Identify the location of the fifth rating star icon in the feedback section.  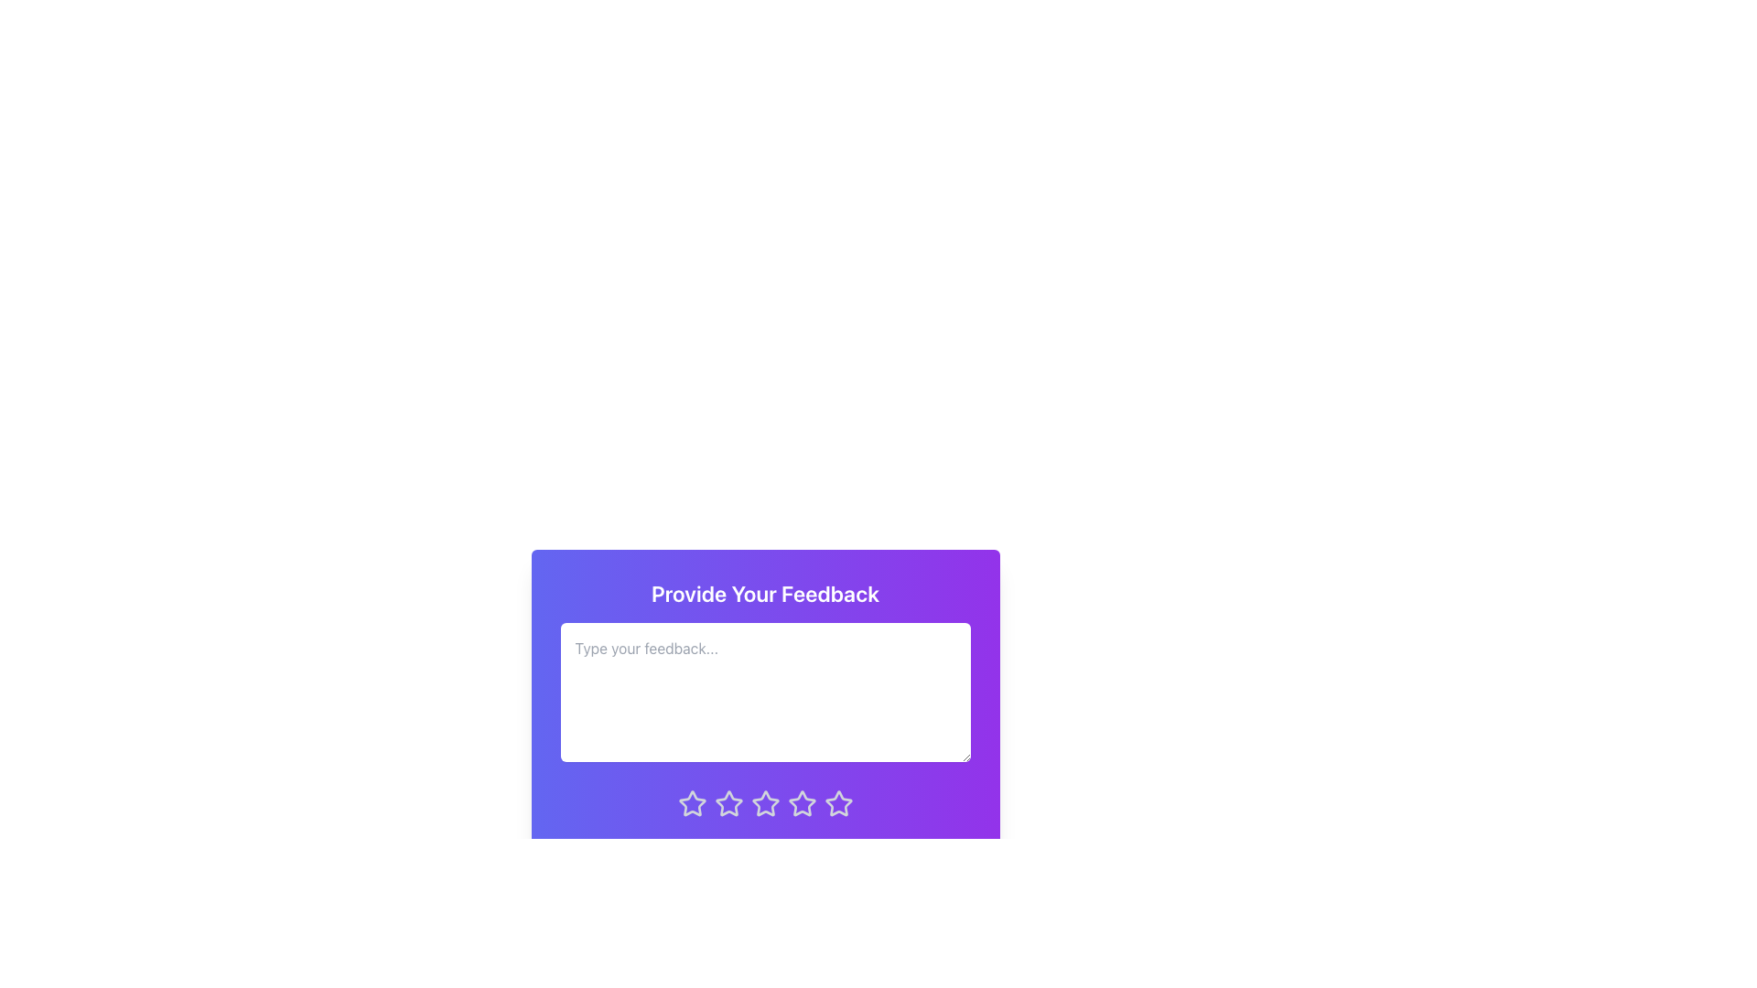
(802, 803).